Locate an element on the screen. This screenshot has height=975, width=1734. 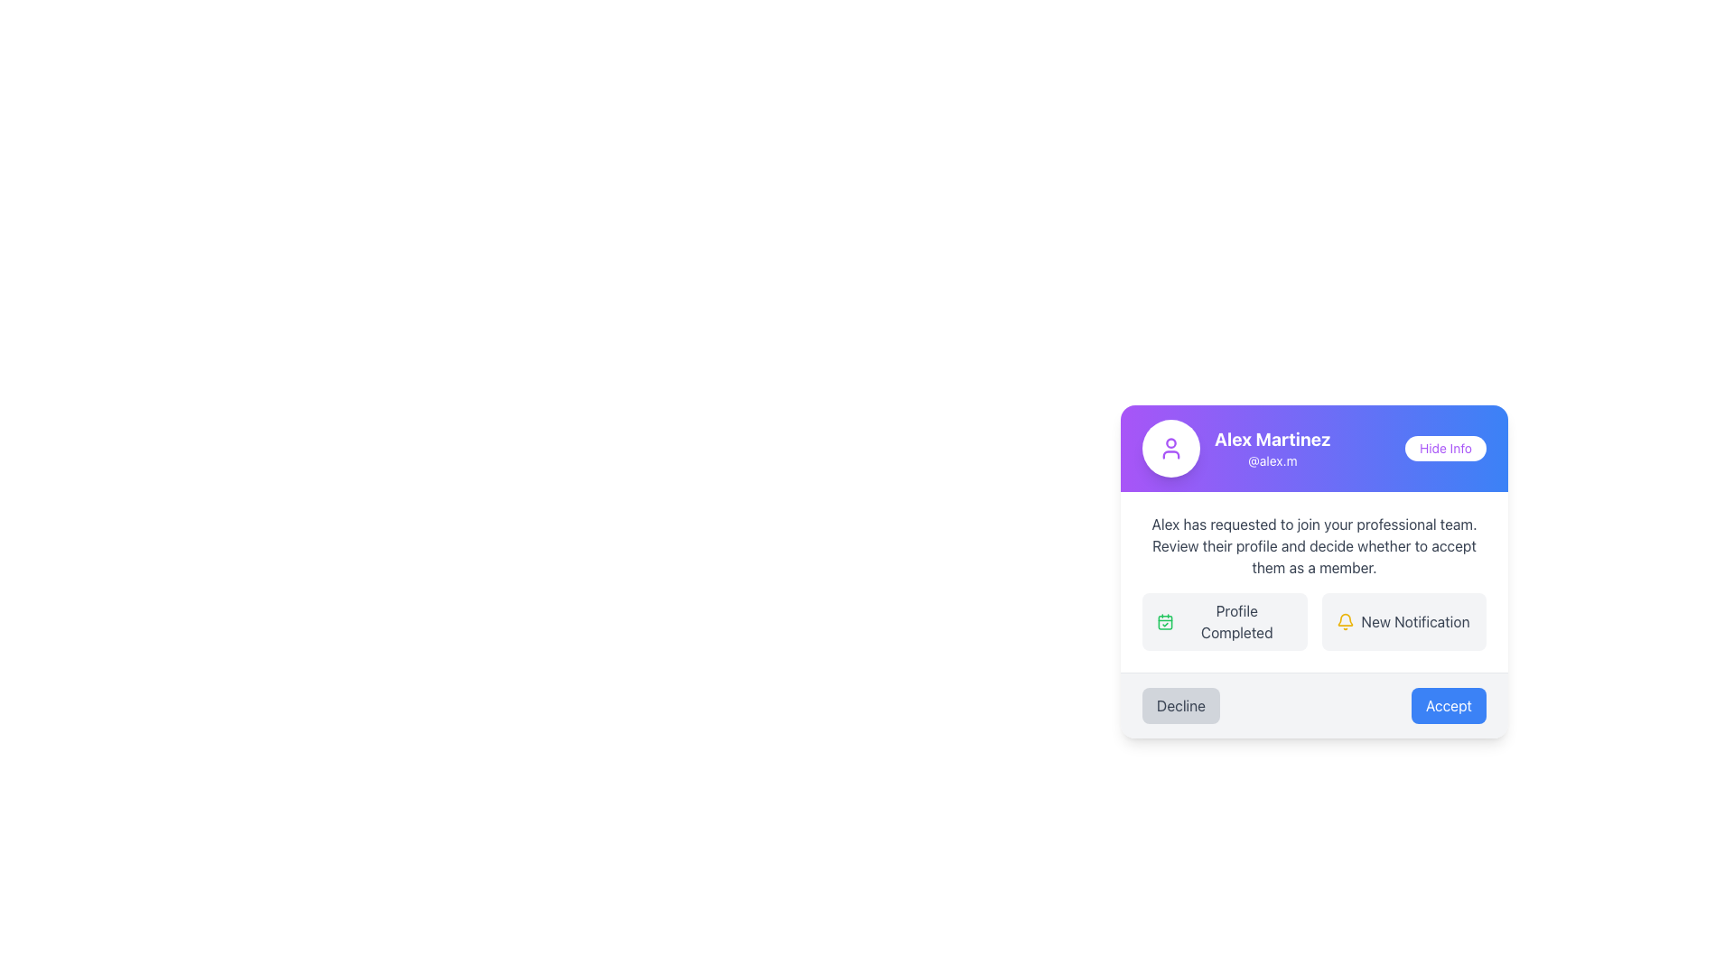
the 'Hide Info' button located at the top-right corner of the user information card is located at coordinates (1446, 448).